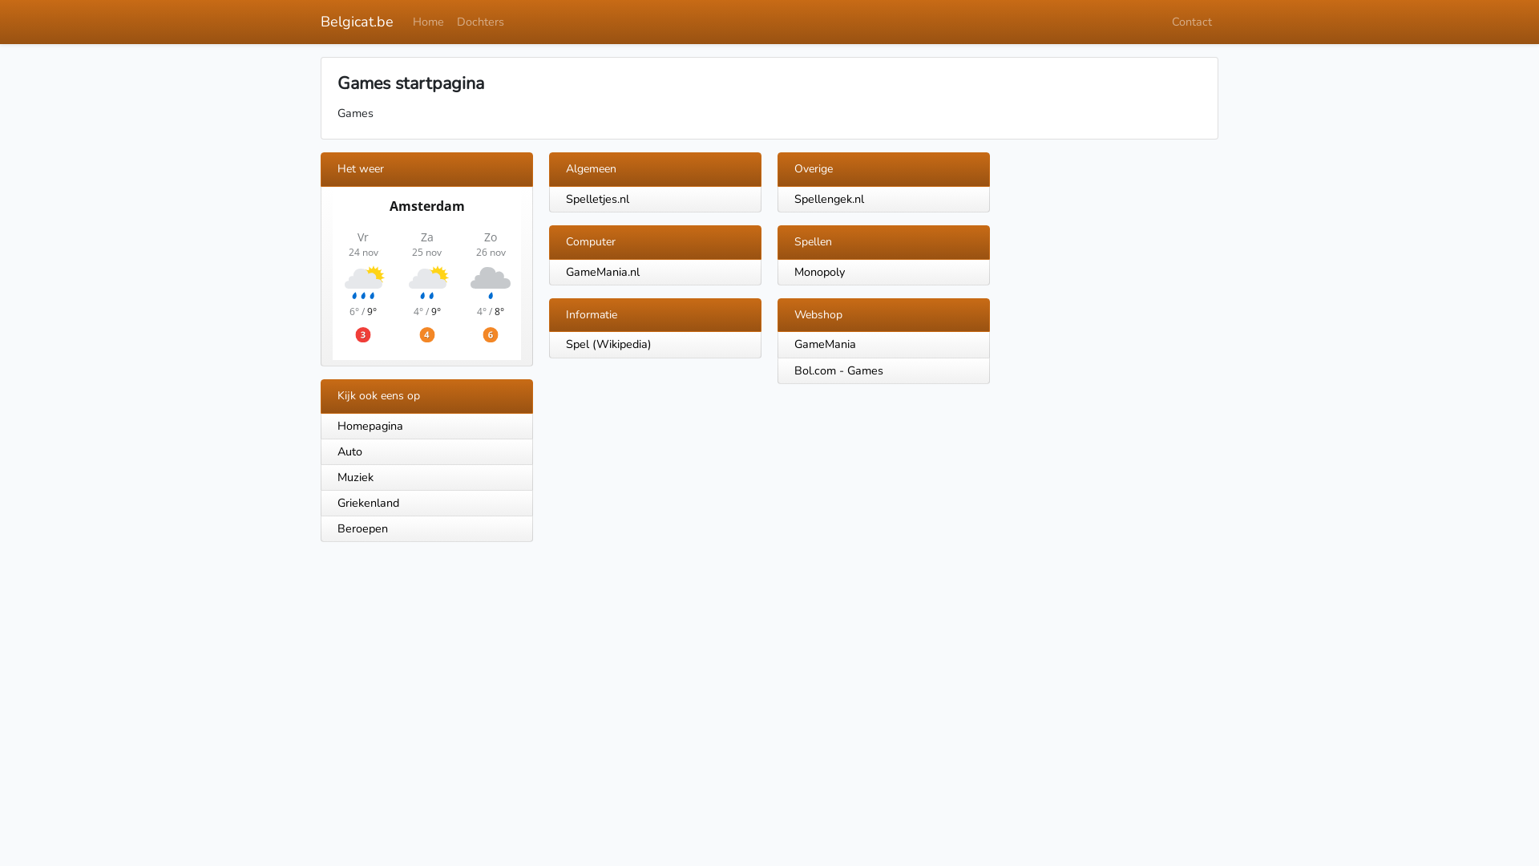 This screenshot has height=866, width=1539. What do you see at coordinates (1165, 22) in the screenshot?
I see `'Contact'` at bounding box center [1165, 22].